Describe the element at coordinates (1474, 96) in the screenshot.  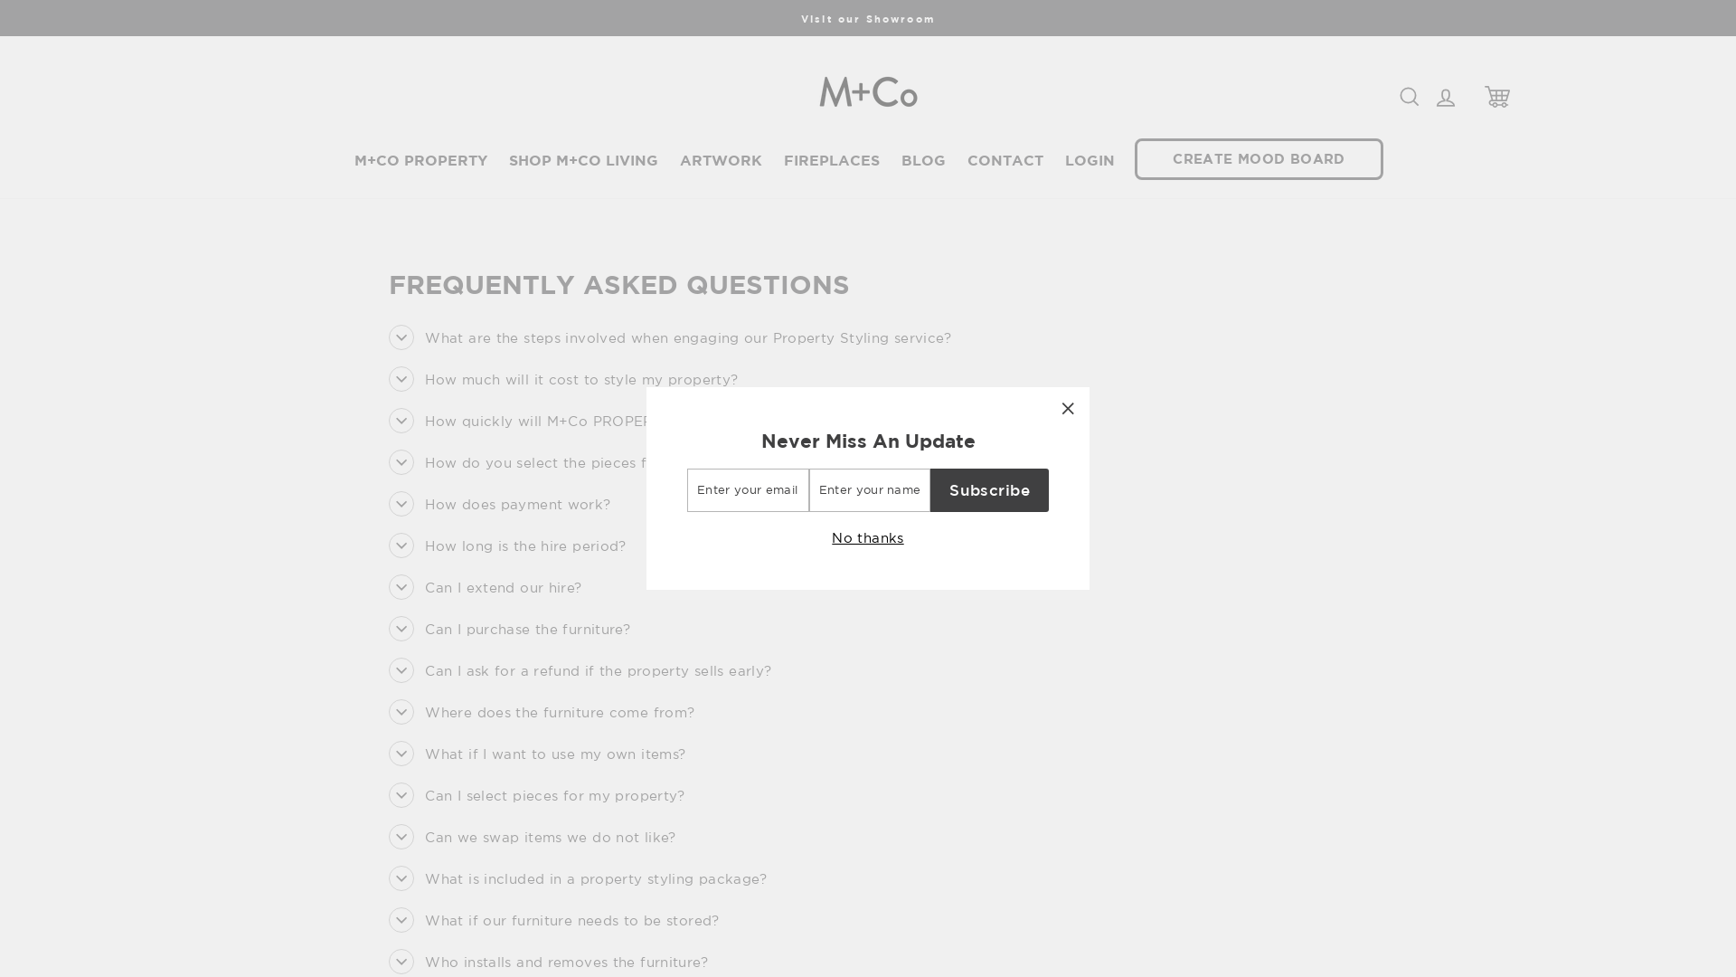
I see `'CART'` at that location.